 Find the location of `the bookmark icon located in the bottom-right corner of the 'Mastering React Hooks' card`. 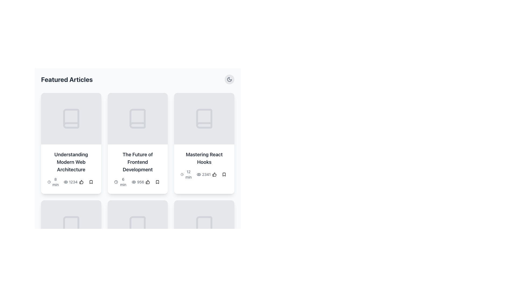

the bookmark icon located in the bottom-right corner of the 'Mastering React Hooks' card is located at coordinates (224, 175).